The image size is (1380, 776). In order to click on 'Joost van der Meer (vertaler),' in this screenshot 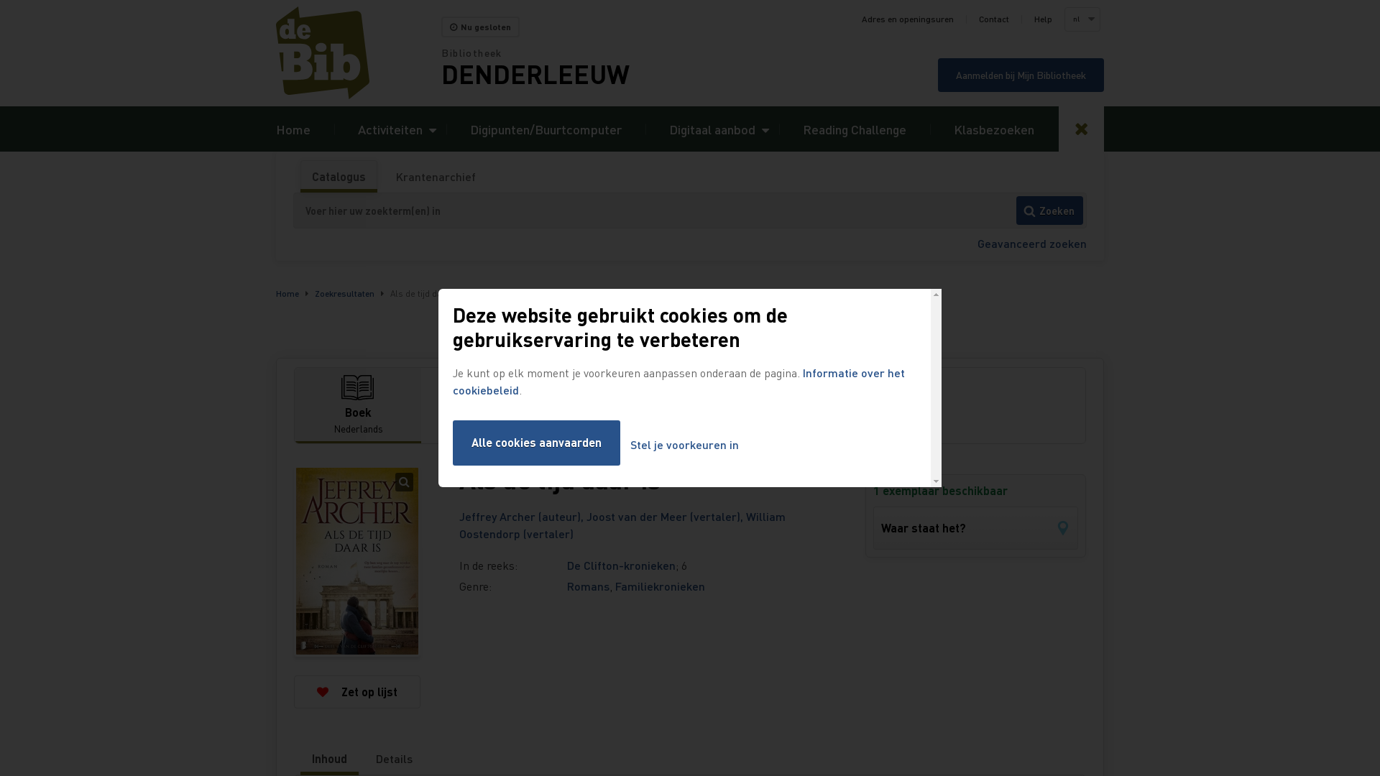, I will do `click(665, 515)`.